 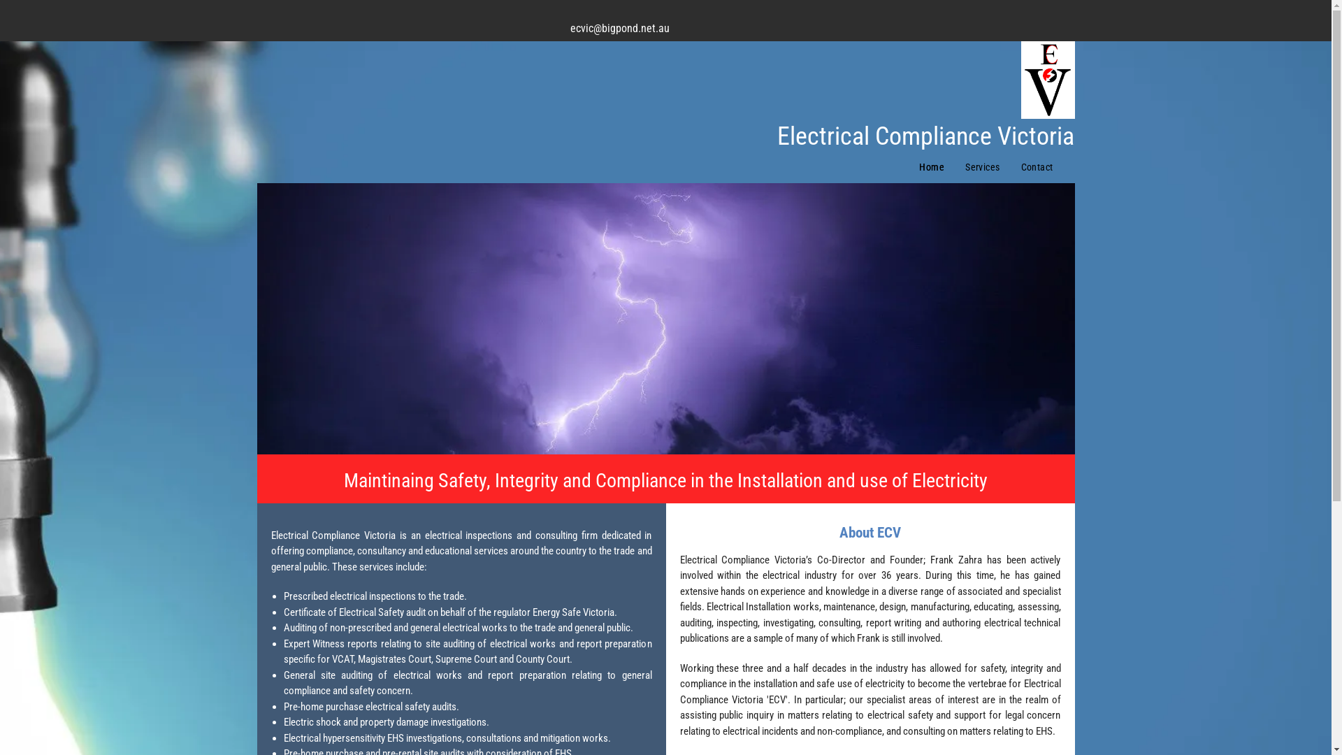 I want to click on 'Home', so click(x=932, y=166).